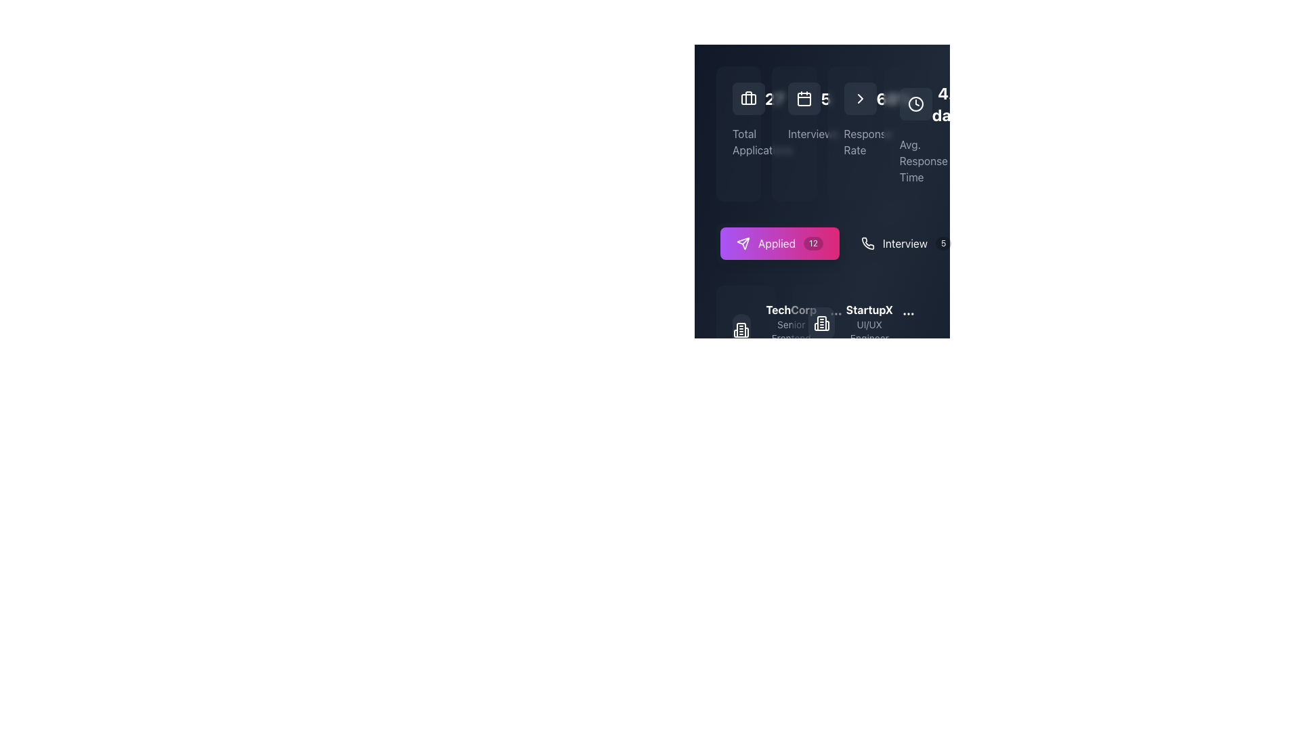 The width and height of the screenshot is (1300, 731). Describe the element at coordinates (942, 242) in the screenshot. I see `the Badge or Label indicating the count or status associated with 'Interview', which is located to the immediate right of the word 'Interview'` at that location.